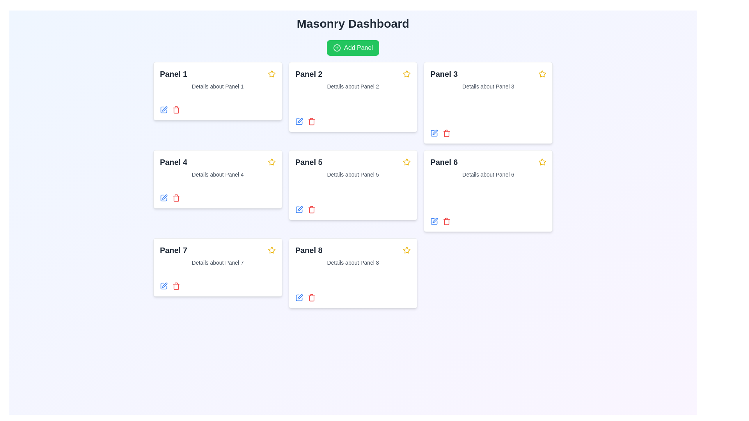 This screenshot has width=749, height=421. I want to click on the delete button located to the right of the blue pencil edit icon in the horizontal group at the bottom of 'Panel 4', so click(176, 198).